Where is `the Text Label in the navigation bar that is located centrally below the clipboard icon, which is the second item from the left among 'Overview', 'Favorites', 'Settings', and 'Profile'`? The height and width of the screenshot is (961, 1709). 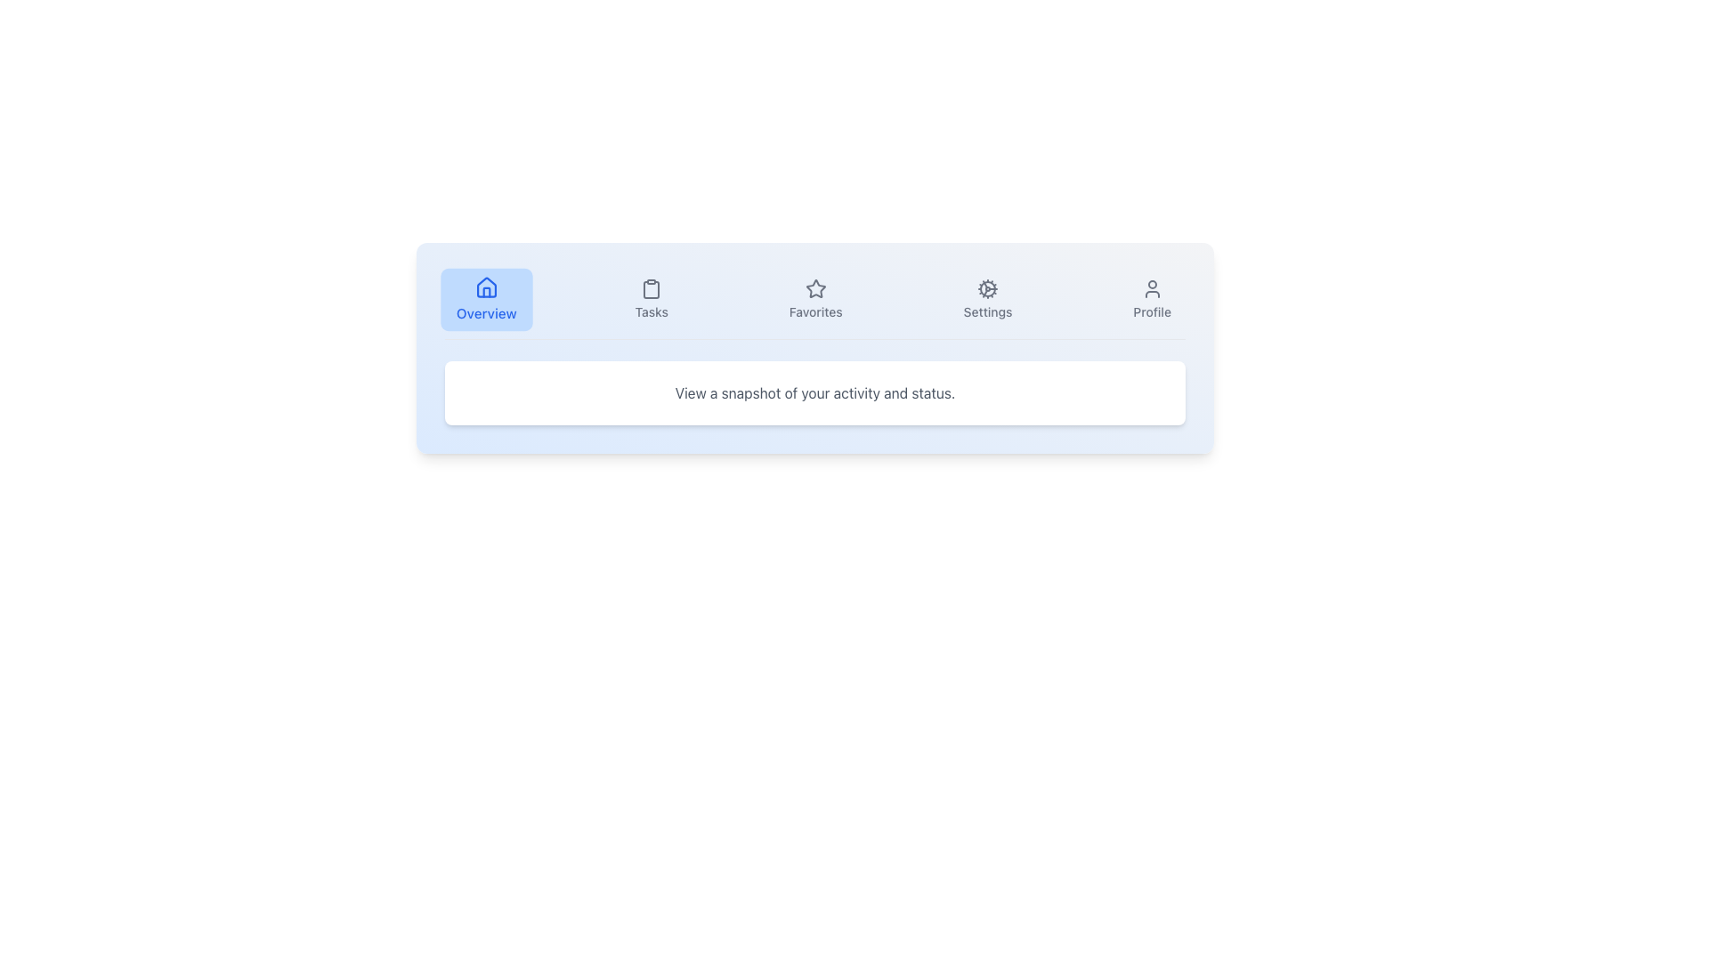
the Text Label in the navigation bar that is located centrally below the clipboard icon, which is the second item from the left among 'Overview', 'Favorites', 'Settings', and 'Profile' is located at coordinates (651, 311).